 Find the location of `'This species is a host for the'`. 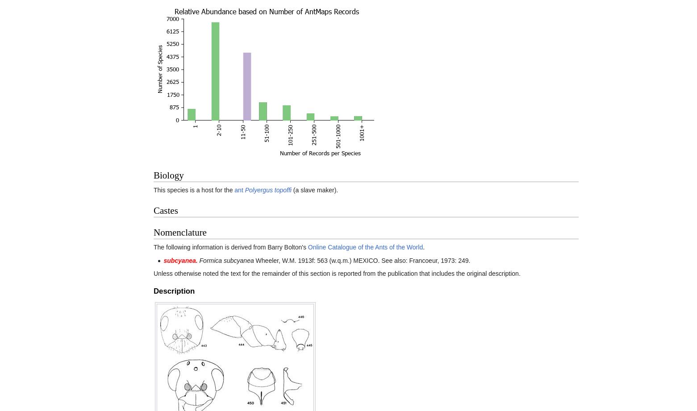

'This species is a host for the' is located at coordinates (193, 190).